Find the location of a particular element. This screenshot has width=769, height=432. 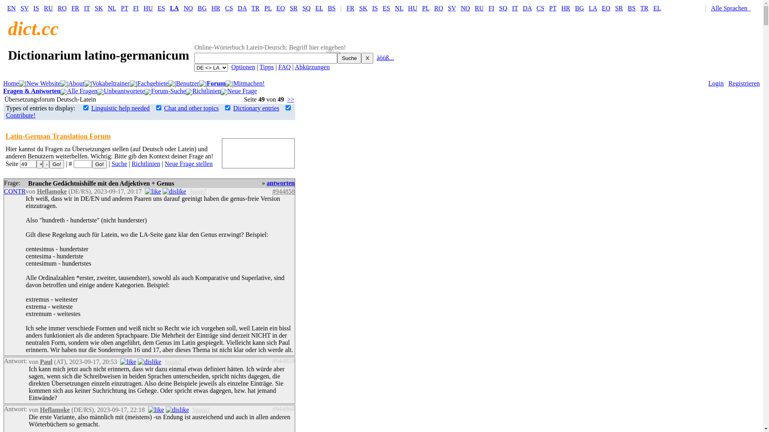

'Login' is located at coordinates (716, 83).